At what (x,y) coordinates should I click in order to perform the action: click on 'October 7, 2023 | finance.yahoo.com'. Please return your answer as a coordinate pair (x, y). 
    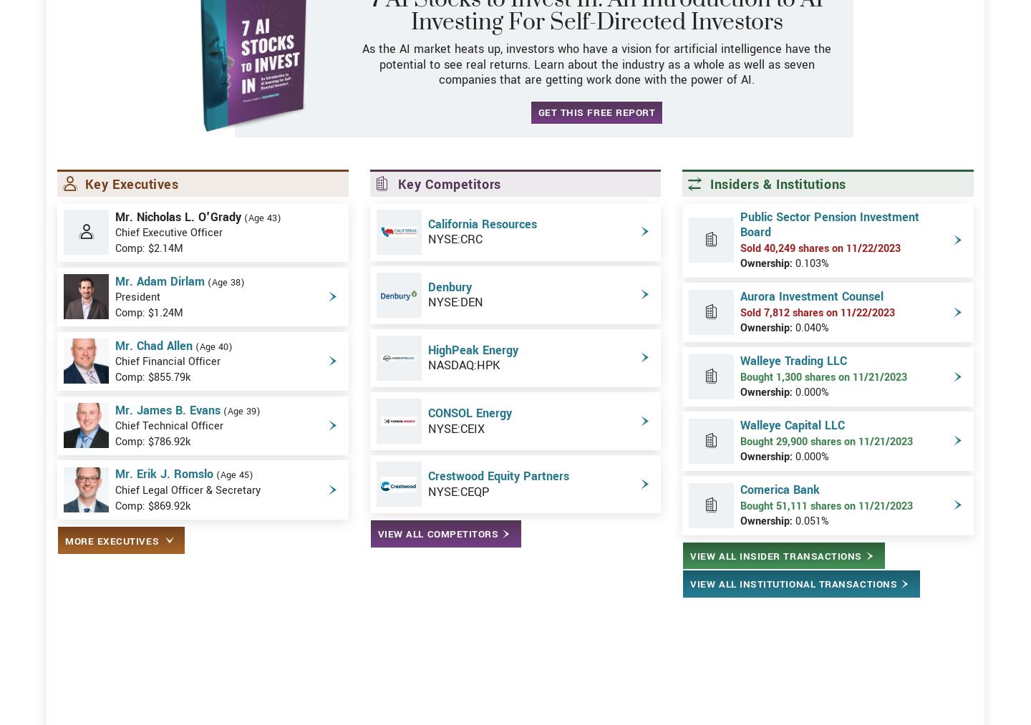
    Looking at the image, I should click on (142, 544).